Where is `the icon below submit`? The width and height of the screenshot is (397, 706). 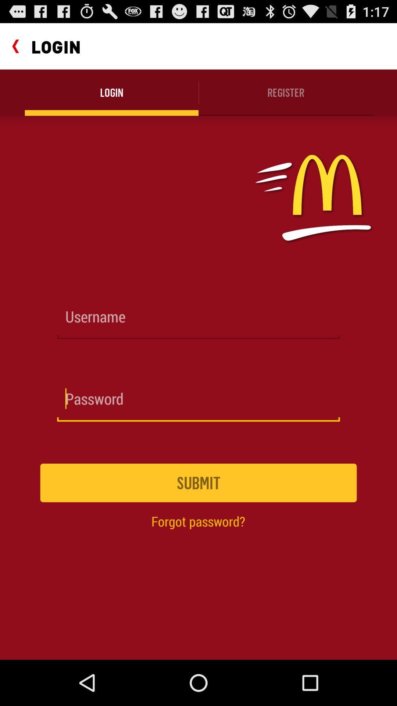 the icon below submit is located at coordinates (198, 521).